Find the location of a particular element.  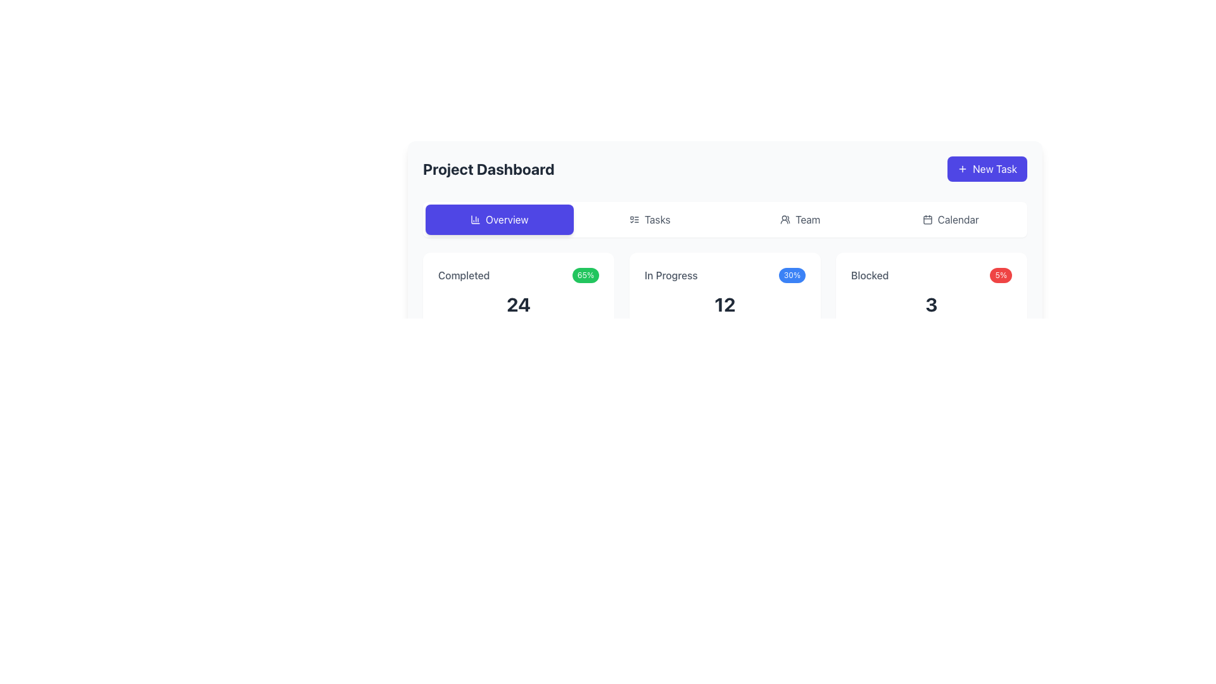

the small, square icon resembling a plus sign located within the 'New Task' button, to the left of the text label is located at coordinates (963, 168).